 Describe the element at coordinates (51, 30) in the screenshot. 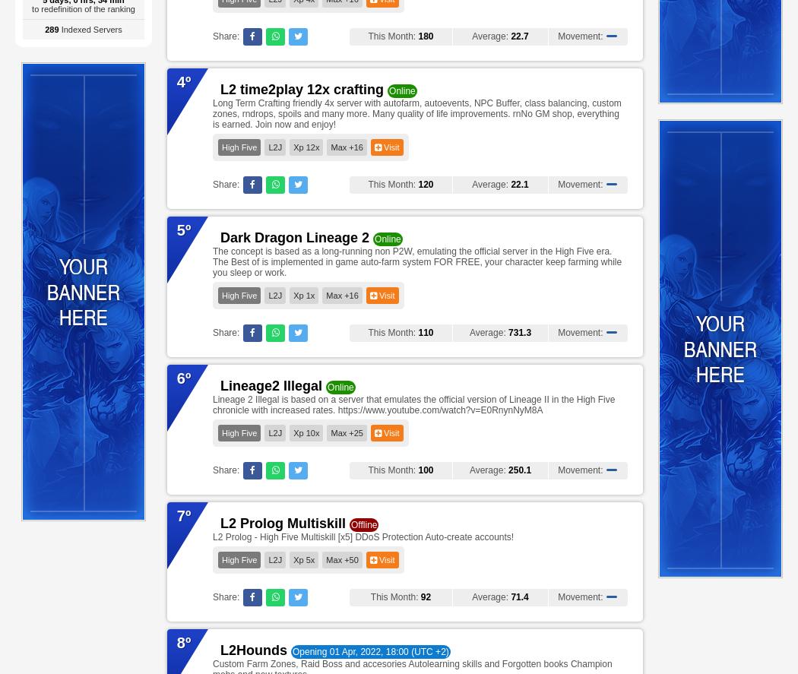

I see `'289'` at that location.